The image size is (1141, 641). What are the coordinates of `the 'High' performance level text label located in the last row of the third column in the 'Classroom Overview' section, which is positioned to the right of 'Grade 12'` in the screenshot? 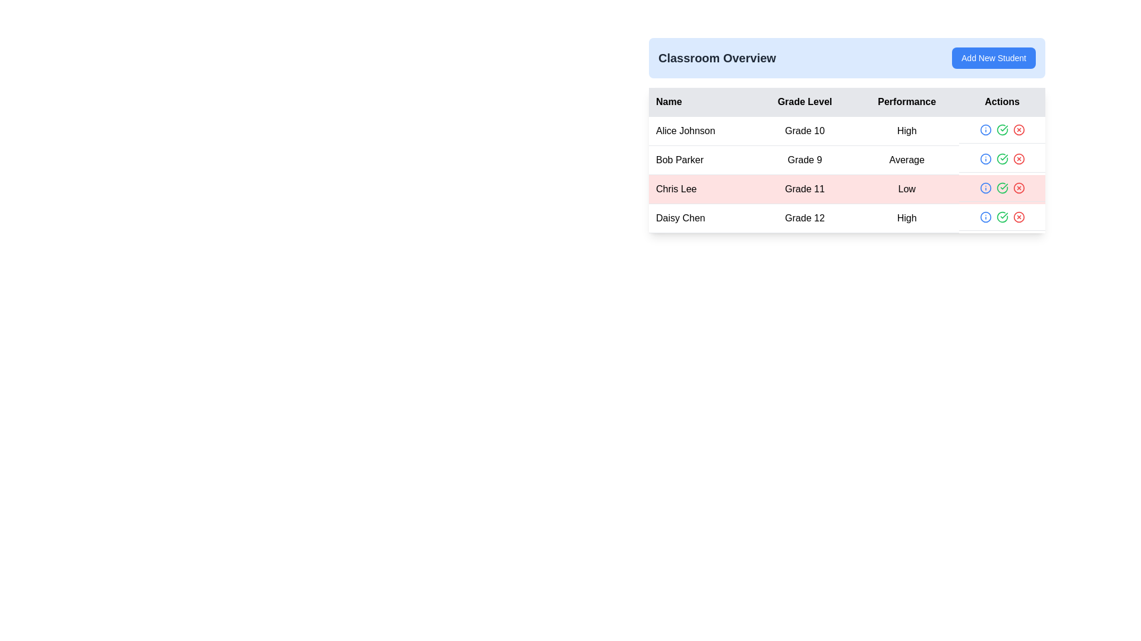 It's located at (906, 218).